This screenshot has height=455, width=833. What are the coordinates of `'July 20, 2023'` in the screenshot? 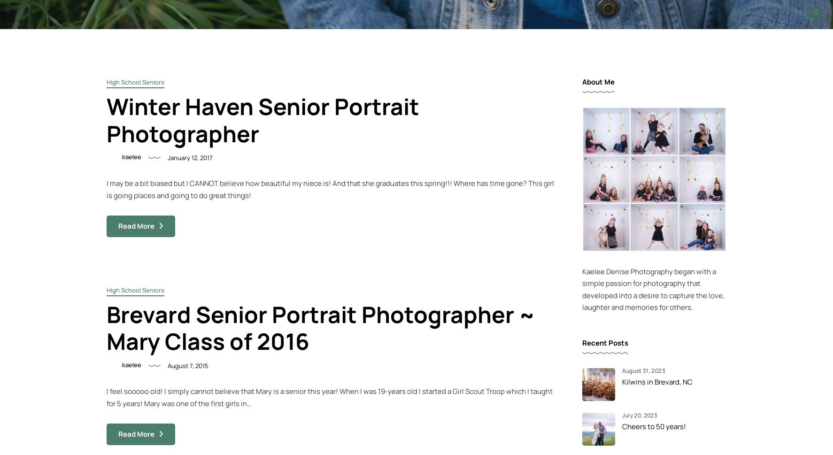 It's located at (640, 415).